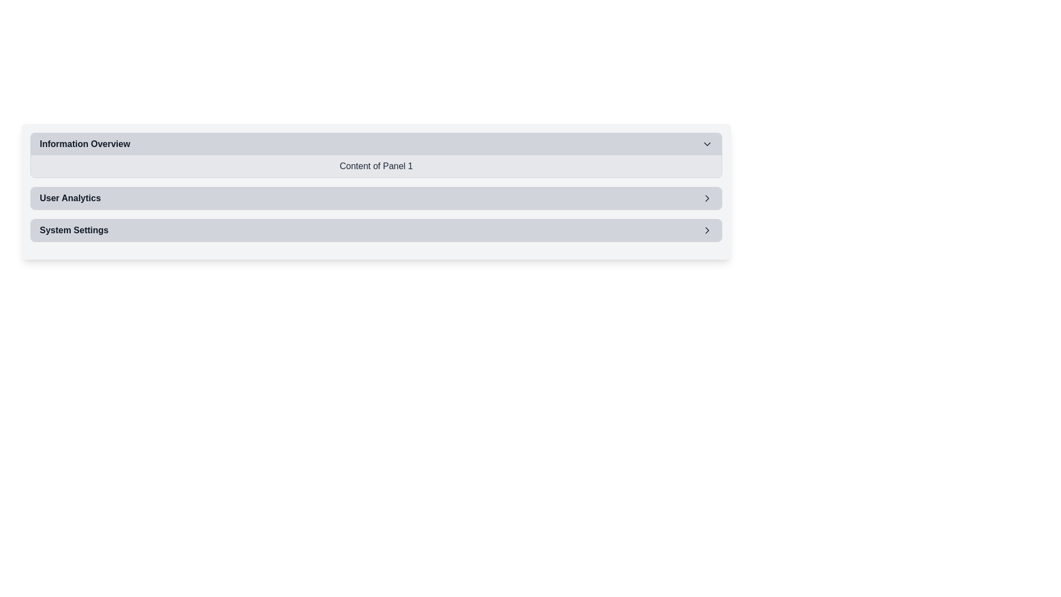 The width and height of the screenshot is (1061, 597). Describe the element at coordinates (707, 144) in the screenshot. I see `the downward-pointing chevron icon located at the far right of the 'Information Overview' header` at that location.